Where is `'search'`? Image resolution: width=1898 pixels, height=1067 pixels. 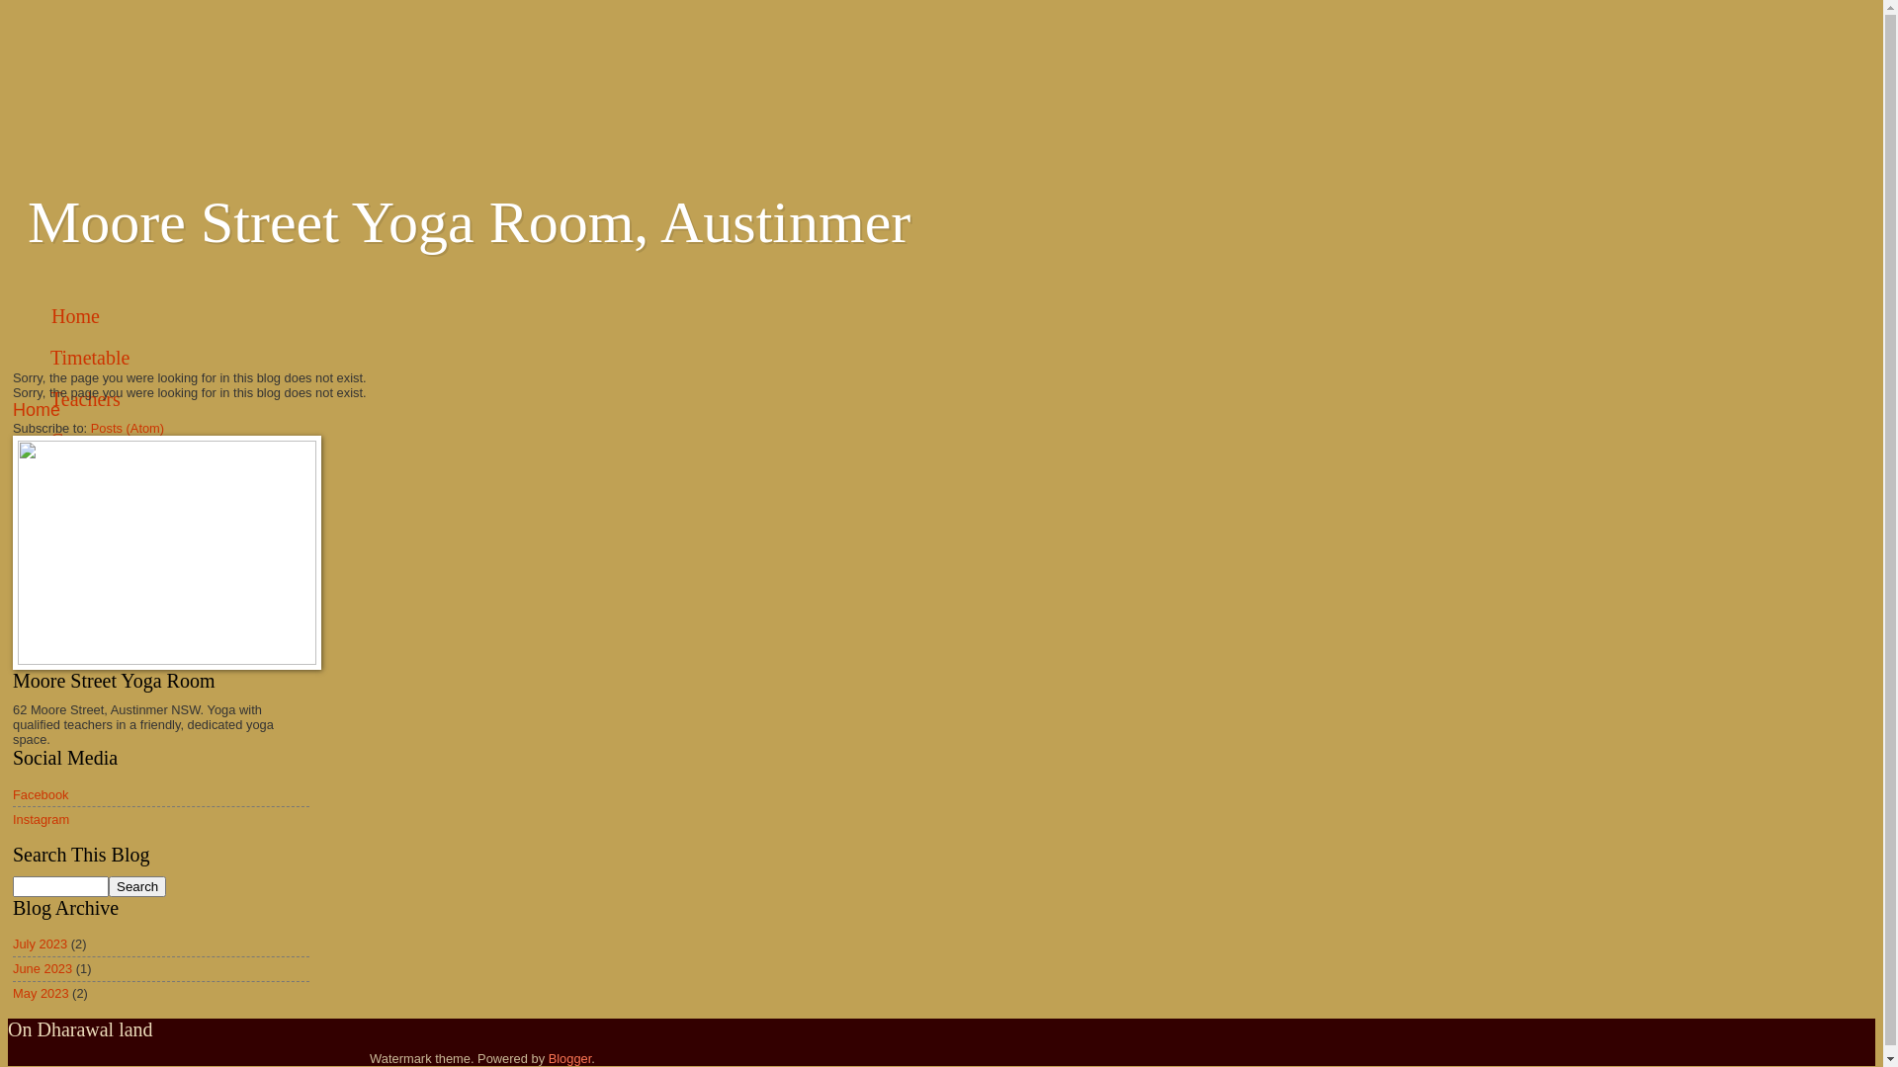 'search' is located at coordinates (60, 885).